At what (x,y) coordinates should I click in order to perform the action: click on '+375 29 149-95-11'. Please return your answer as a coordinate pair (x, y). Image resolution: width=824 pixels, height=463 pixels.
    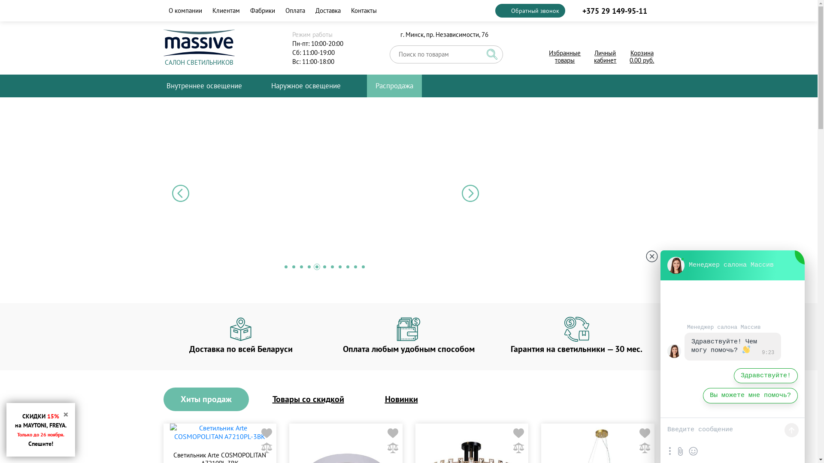
    Looking at the image, I should click on (613, 10).